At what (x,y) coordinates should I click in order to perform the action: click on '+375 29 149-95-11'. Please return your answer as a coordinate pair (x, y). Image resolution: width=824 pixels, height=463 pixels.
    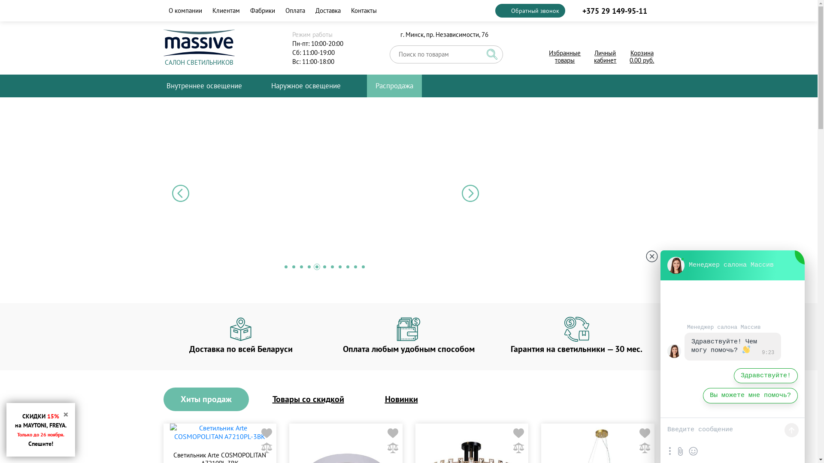
    Looking at the image, I should click on (613, 10).